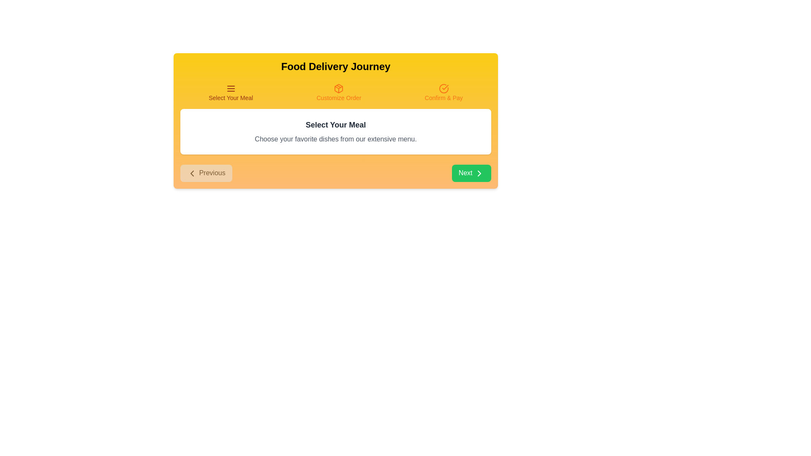  What do you see at coordinates (192, 172) in the screenshot?
I see `the chevron icon that serves as a visual indicator for backward navigation, located inside the 'Previous' button` at bounding box center [192, 172].